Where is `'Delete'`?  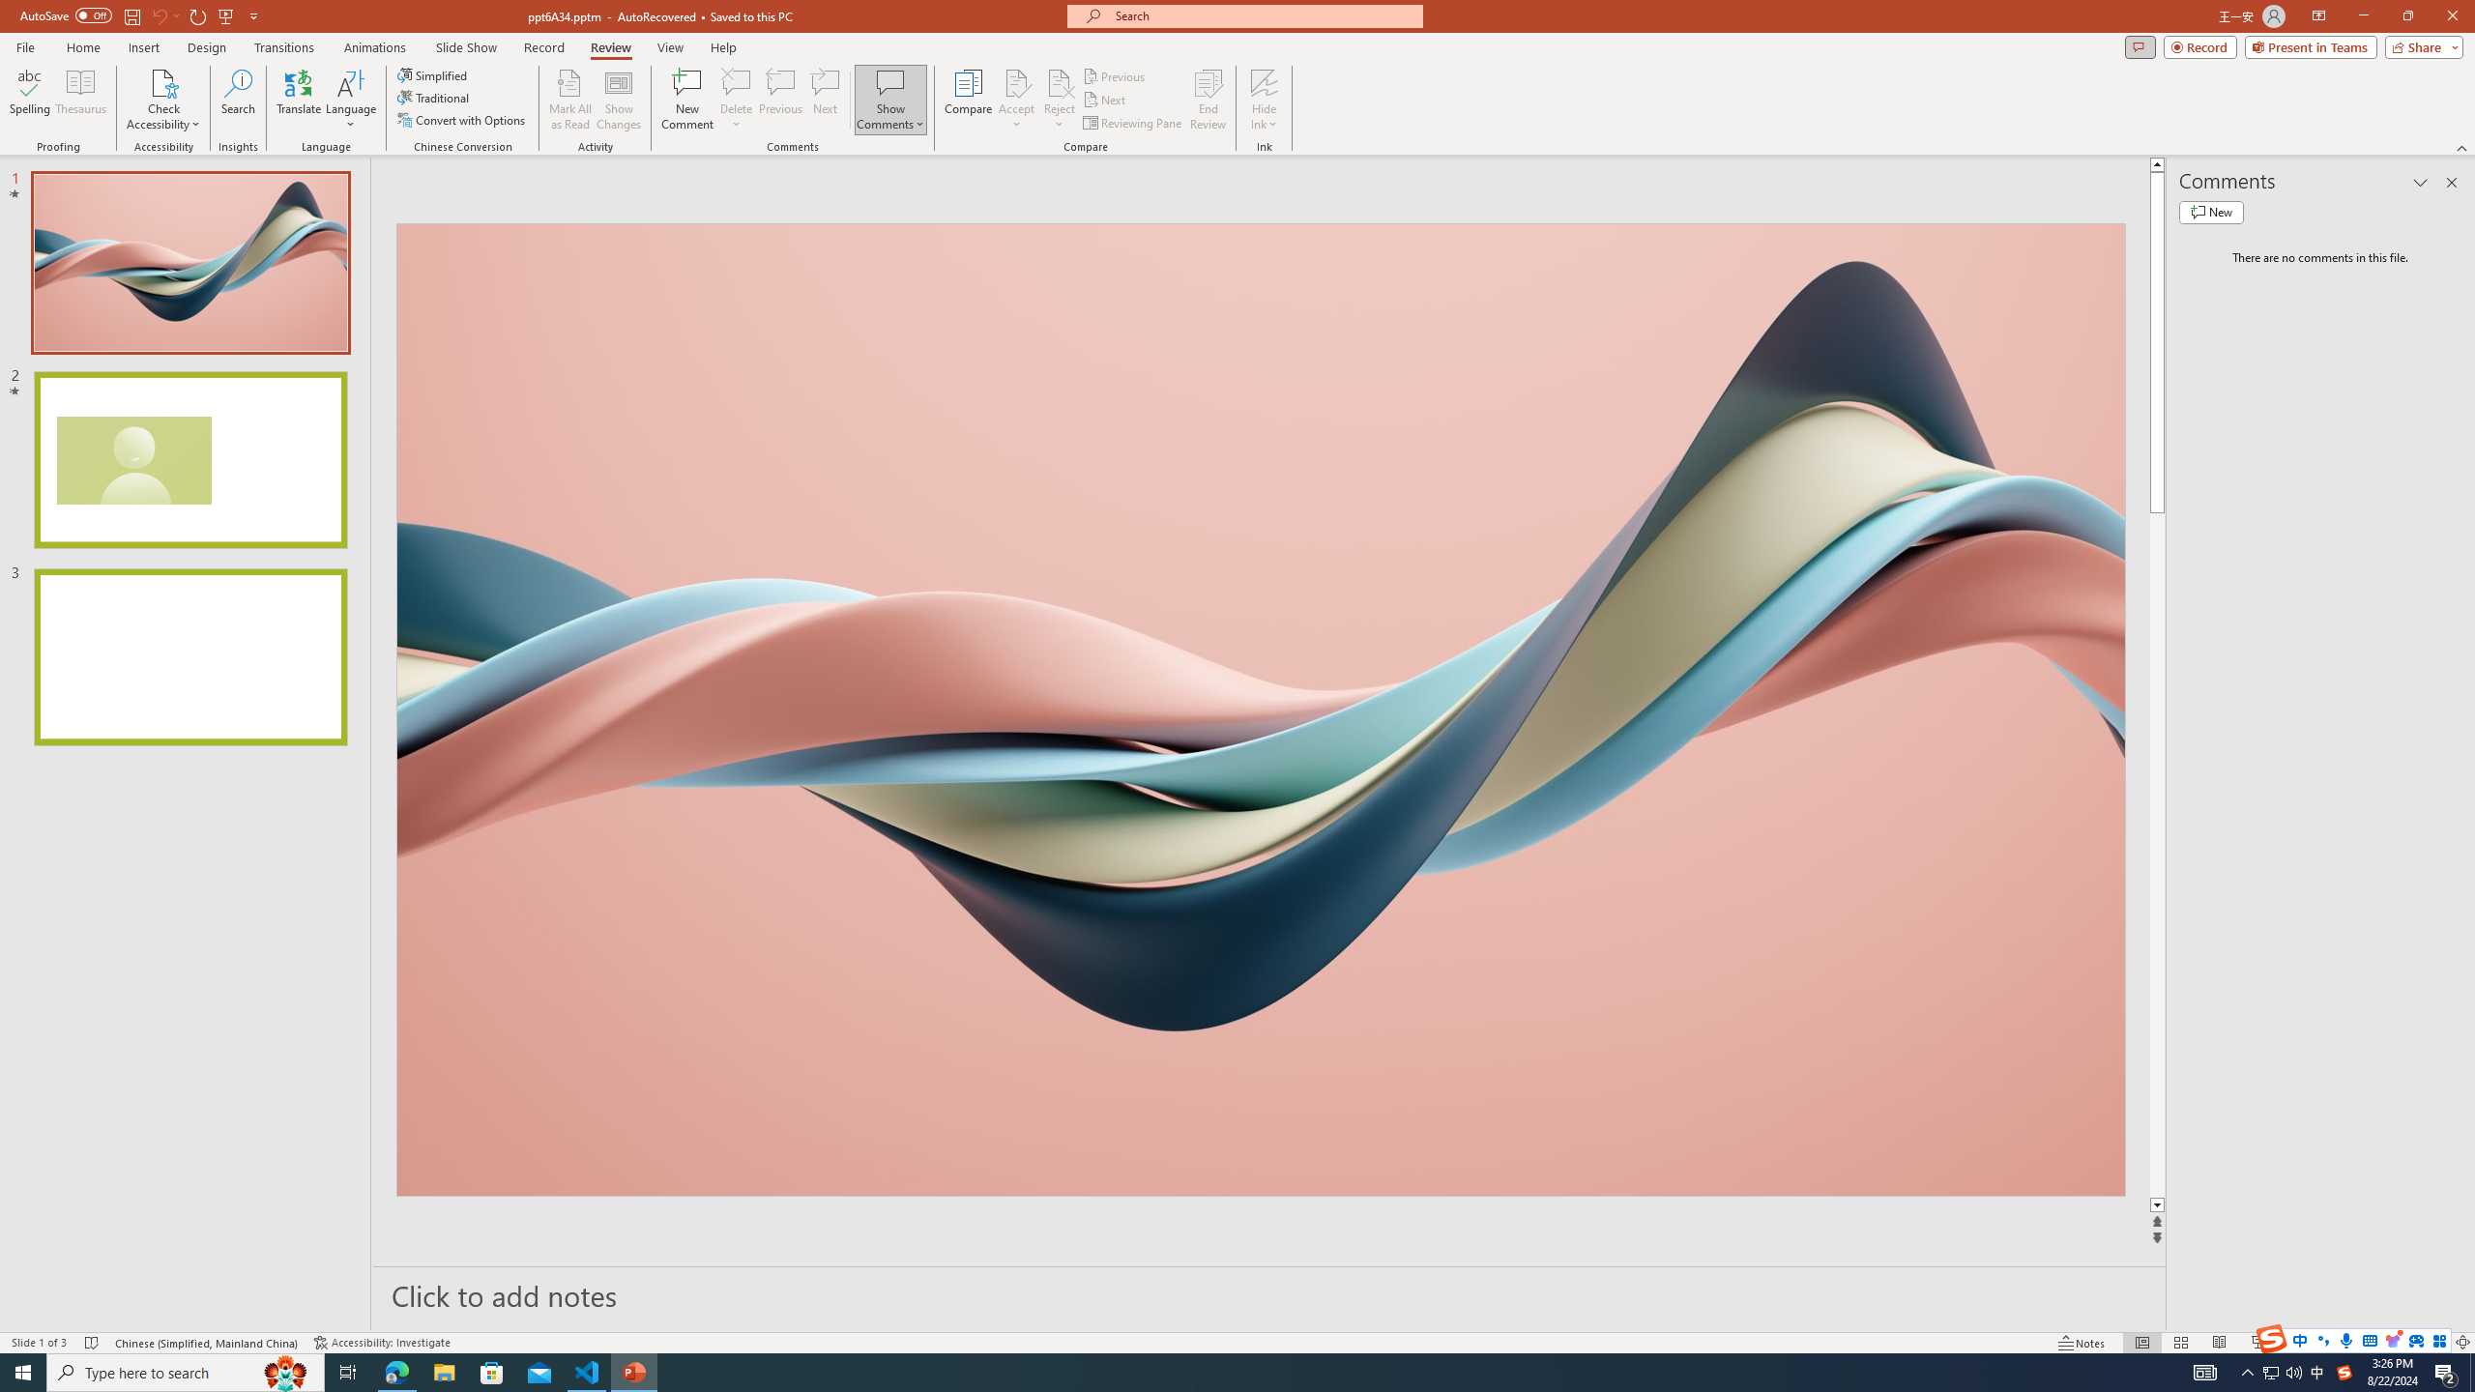
'Delete' is located at coordinates (736, 100).